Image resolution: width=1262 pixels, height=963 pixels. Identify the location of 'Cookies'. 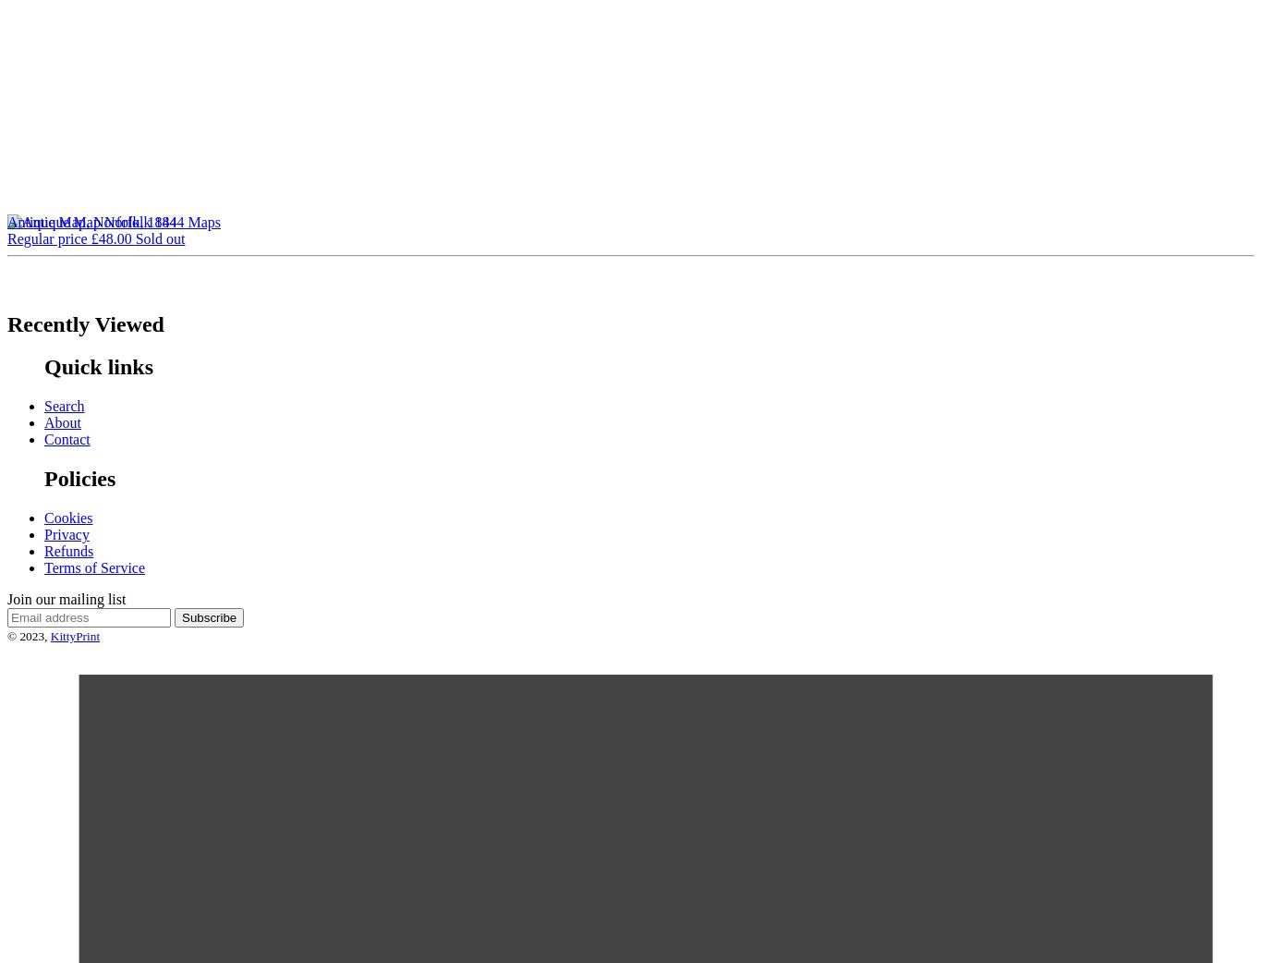
(68, 517).